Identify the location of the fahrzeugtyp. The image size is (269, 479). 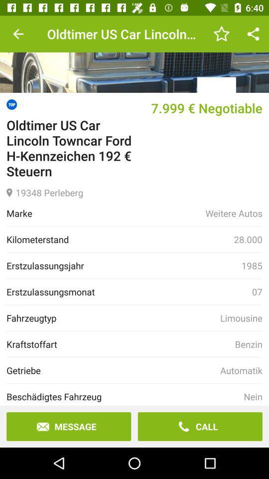
(113, 317).